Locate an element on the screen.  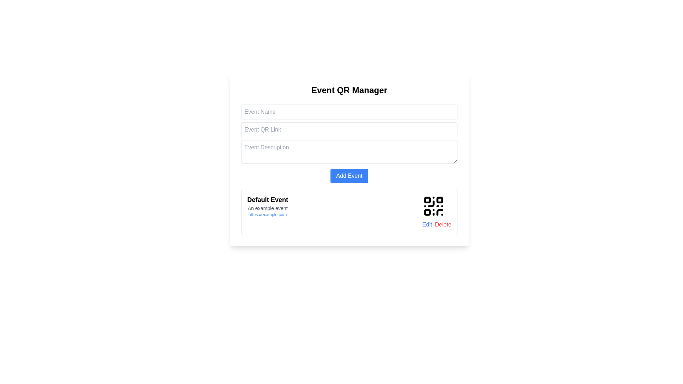
the label displaying the text 'An example event' which is styled in a smaller gray font and located below 'Default Event' in the event card section is located at coordinates (267, 208).